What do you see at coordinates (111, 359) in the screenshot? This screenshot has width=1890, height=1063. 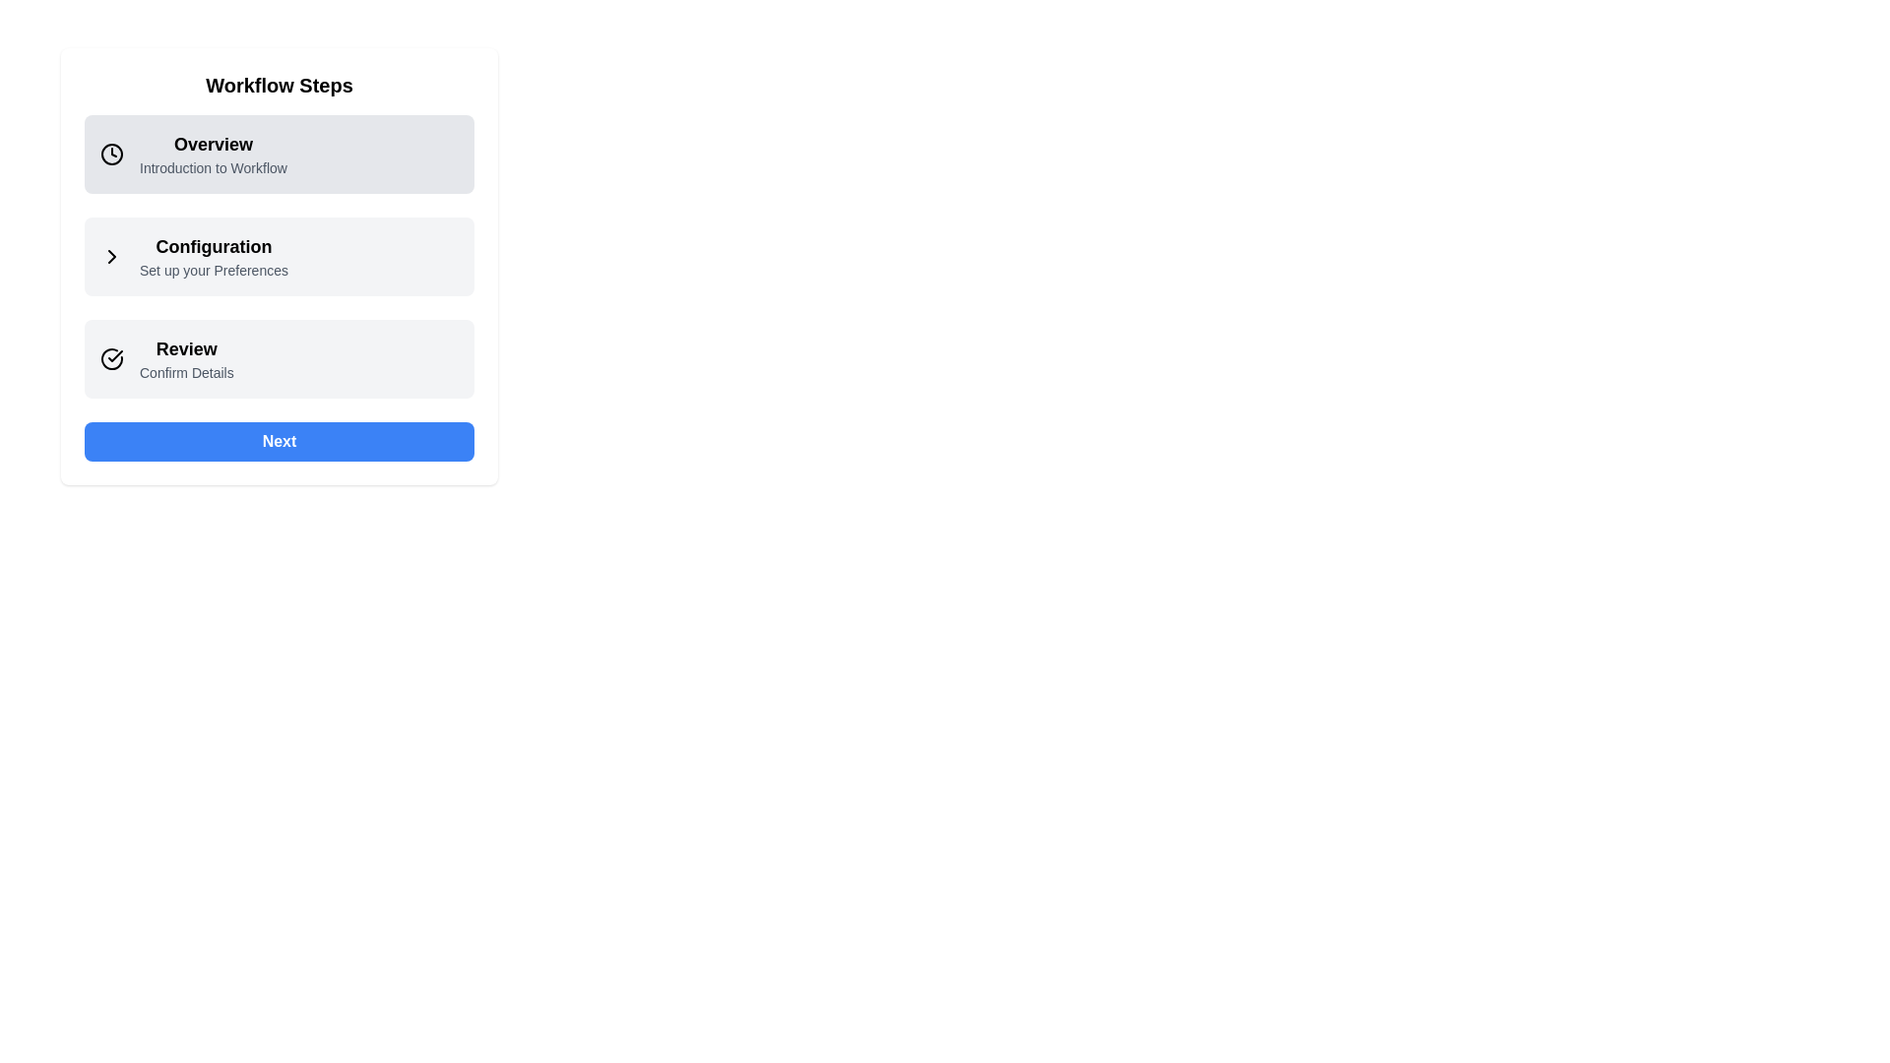 I see `the decorative curved segment of the icon indicating a completed or verified status for the 'Review' workflow step, located to the left of the 'Review' label` at bounding box center [111, 359].